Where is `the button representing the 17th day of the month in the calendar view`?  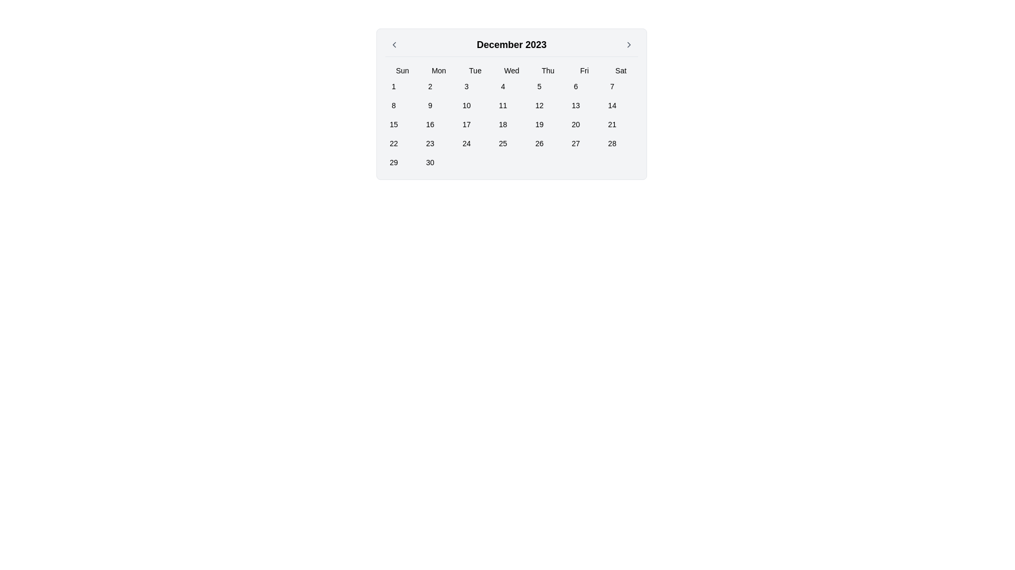 the button representing the 17th day of the month in the calendar view is located at coordinates (466, 123).